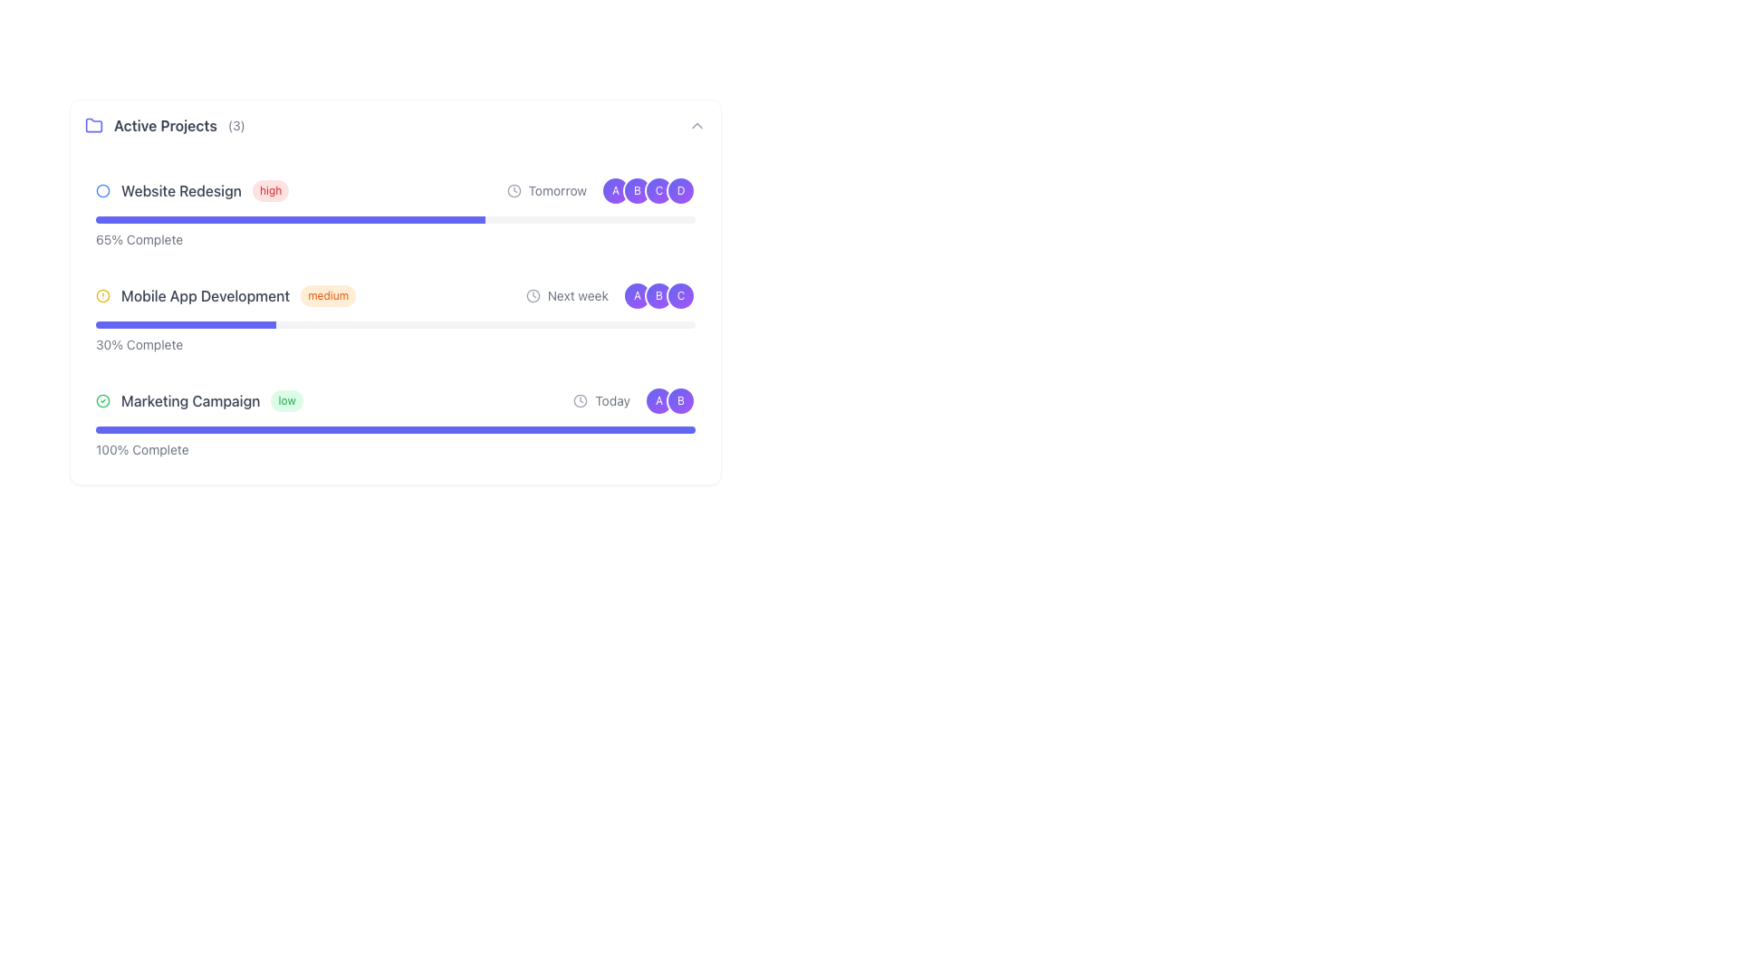 The image size is (1739, 978). What do you see at coordinates (291, 219) in the screenshot?
I see `the dark indigo progress bar segment indicating 65% completion for the 'Website Redesign' project located at the top of the 'Active Projects' list` at bounding box center [291, 219].